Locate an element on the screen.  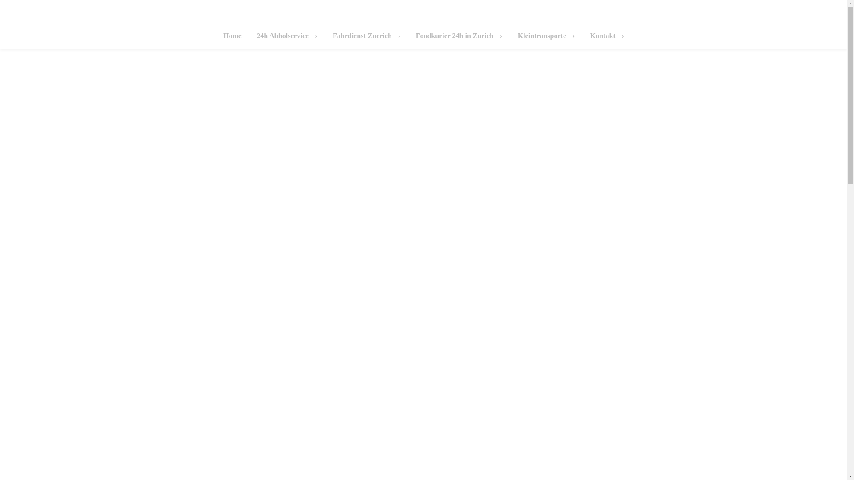
'Foodkurier 24h in Zurich' is located at coordinates (459, 36).